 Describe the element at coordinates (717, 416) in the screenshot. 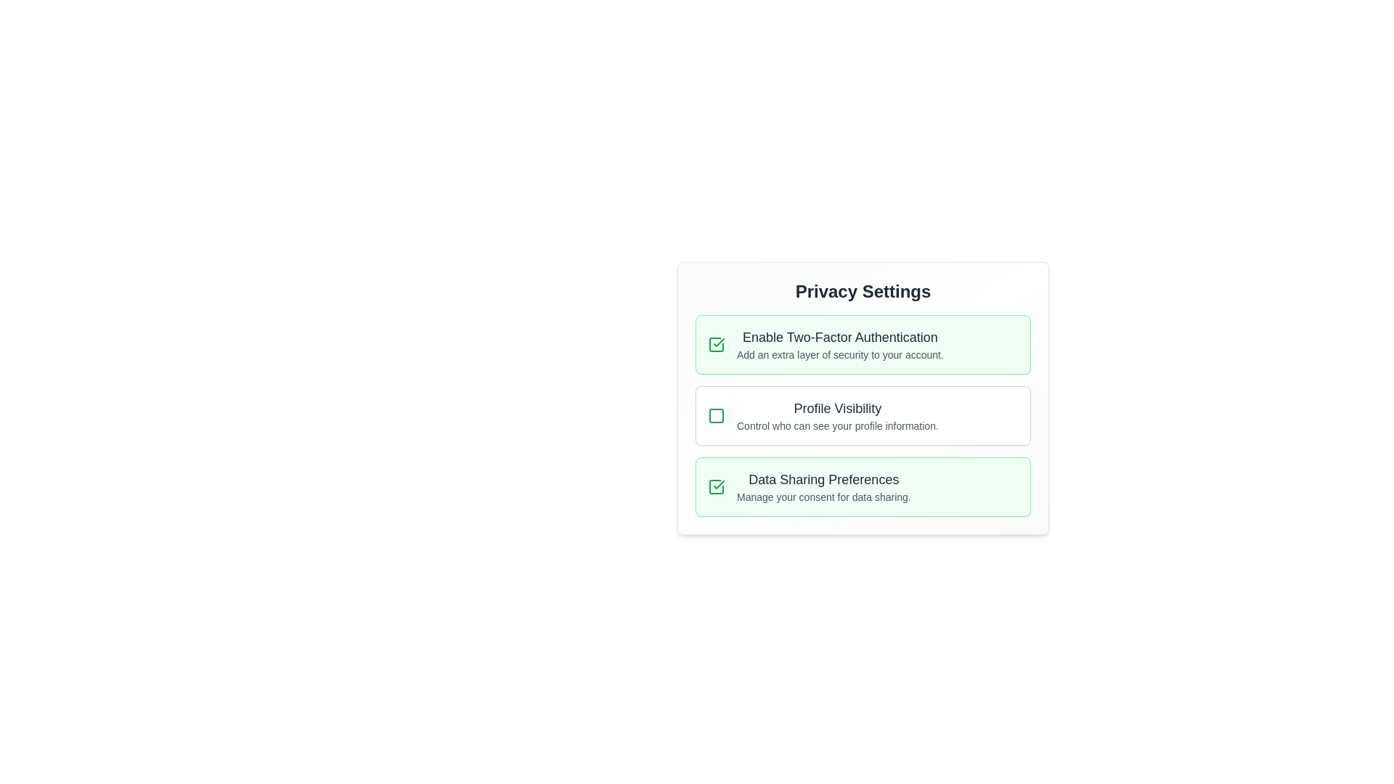

I see `the unselected red checkbox element located adjacent to the 'Profile Visibility' option in the 'Privacy Settings' list` at that location.